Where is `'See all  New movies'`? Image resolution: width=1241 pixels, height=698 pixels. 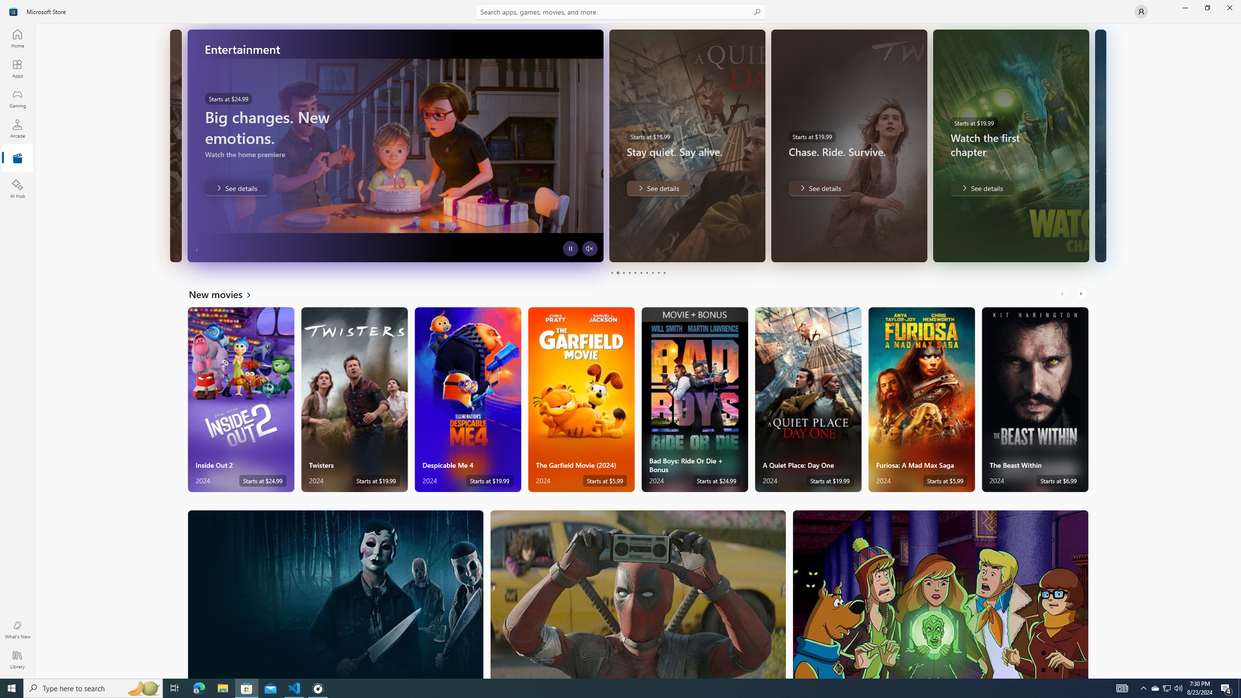 'See all  New movies' is located at coordinates (225, 293).